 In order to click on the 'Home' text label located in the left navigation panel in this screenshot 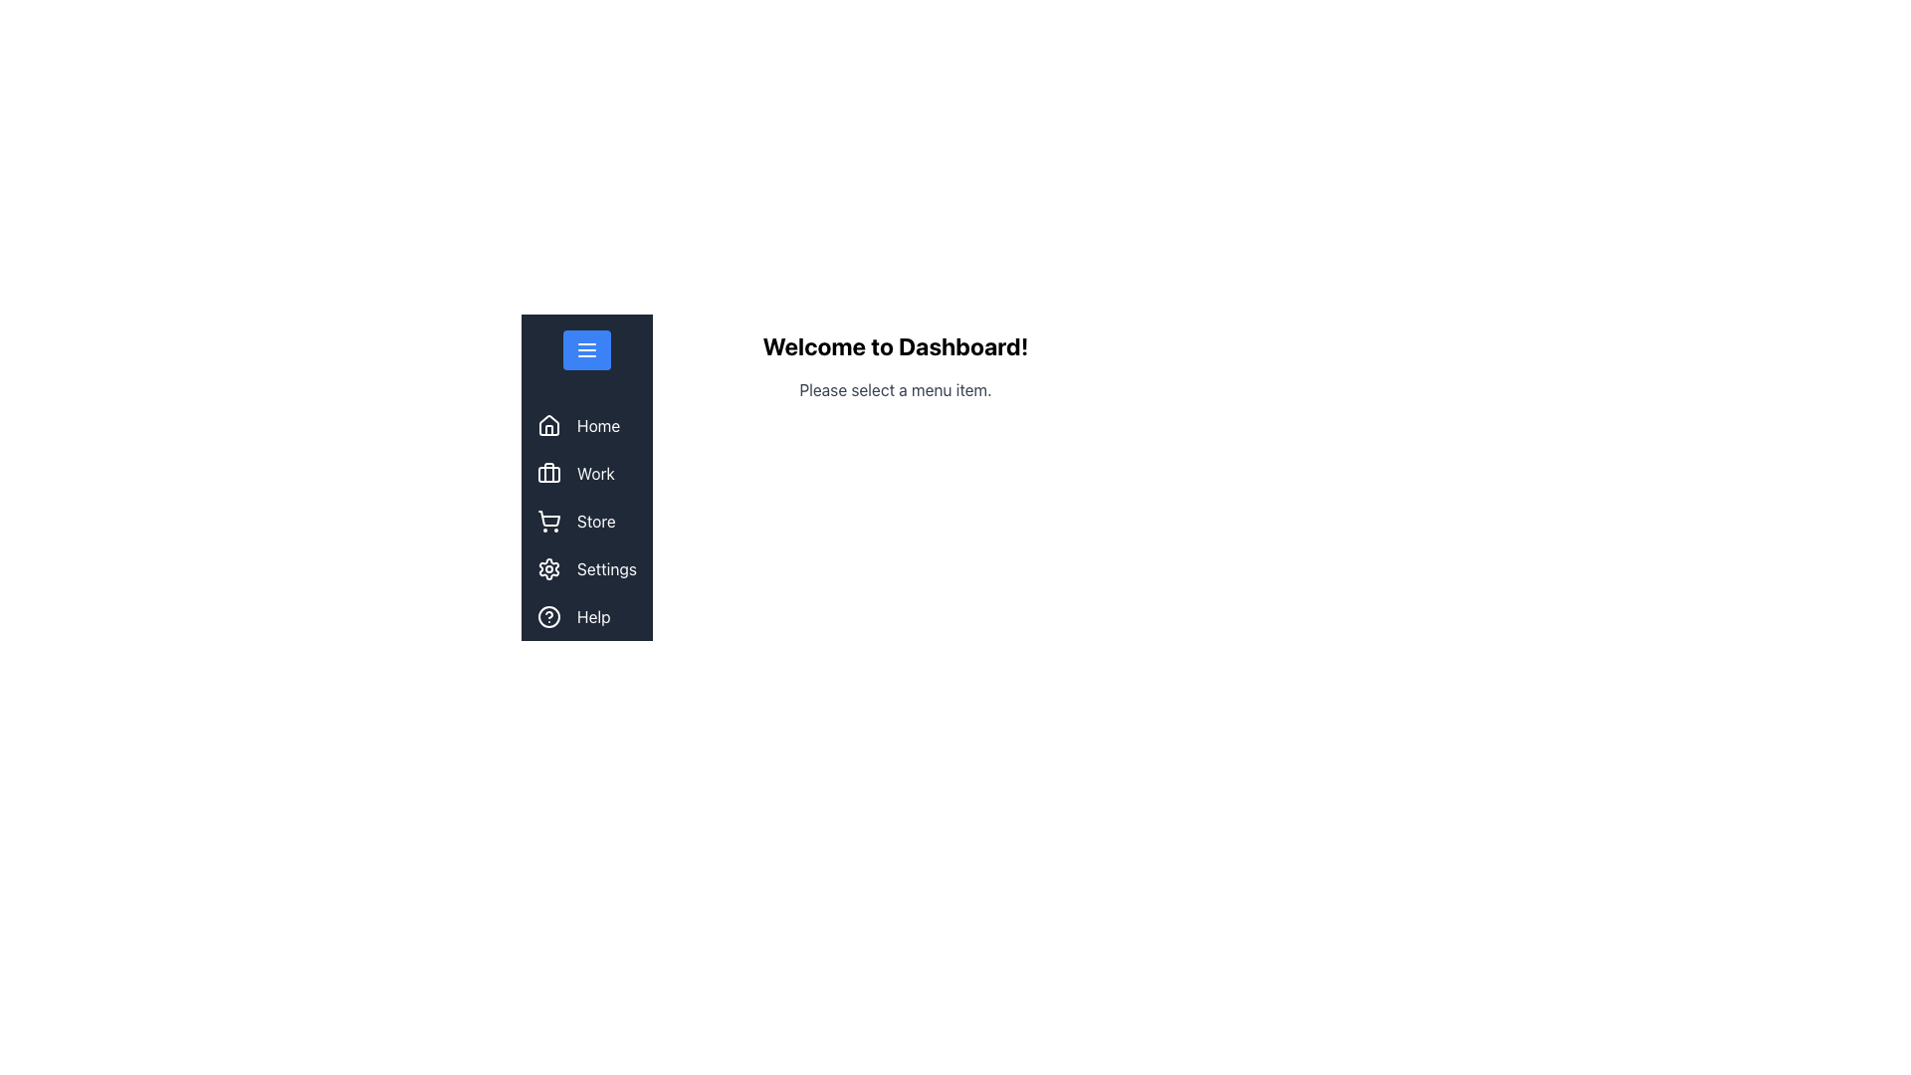, I will do `click(597, 425)`.